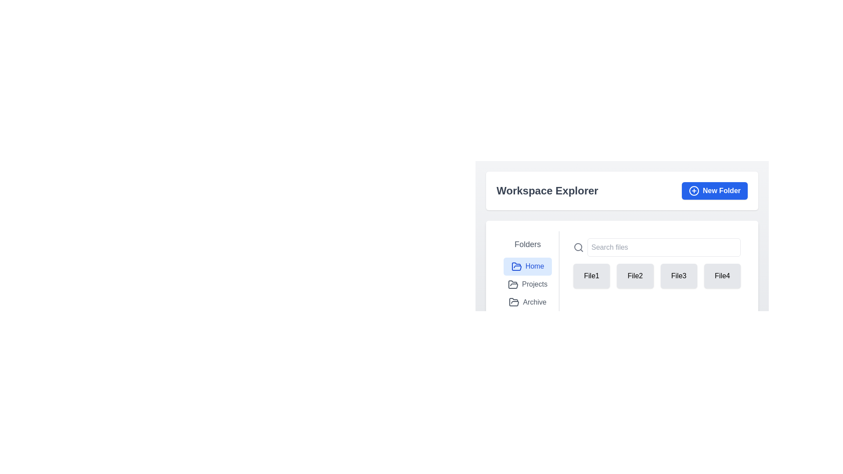 Image resolution: width=843 pixels, height=474 pixels. Describe the element at coordinates (527, 301) in the screenshot. I see `the 'Archive' navigation item, which is the third item in the vertical list located in the left panel of the interface` at that location.